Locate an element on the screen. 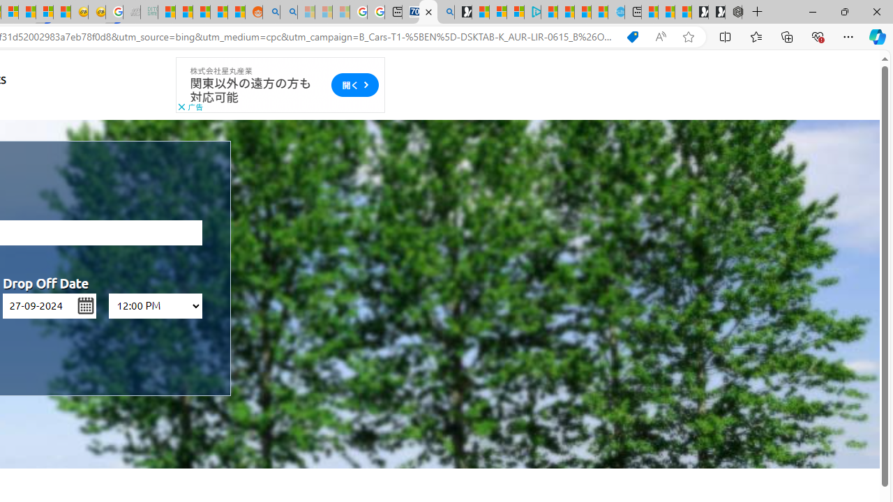  'Shopping in Microsoft Edge' is located at coordinates (631, 36).